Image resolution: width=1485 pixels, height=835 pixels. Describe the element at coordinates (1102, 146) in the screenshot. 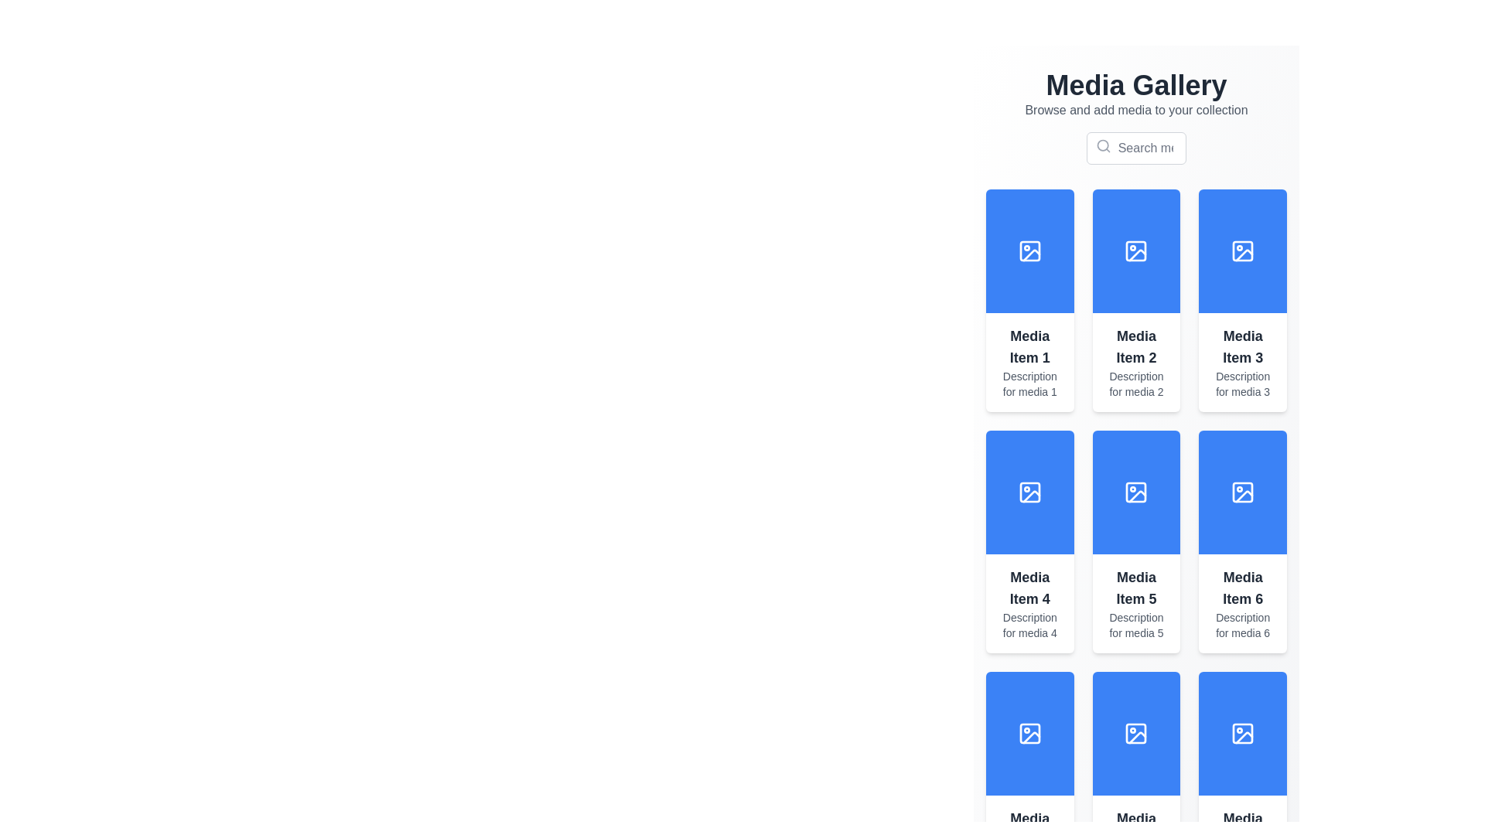

I see `the search icon located on the left side of the input field within the media gallery interface to initiate a search` at that location.